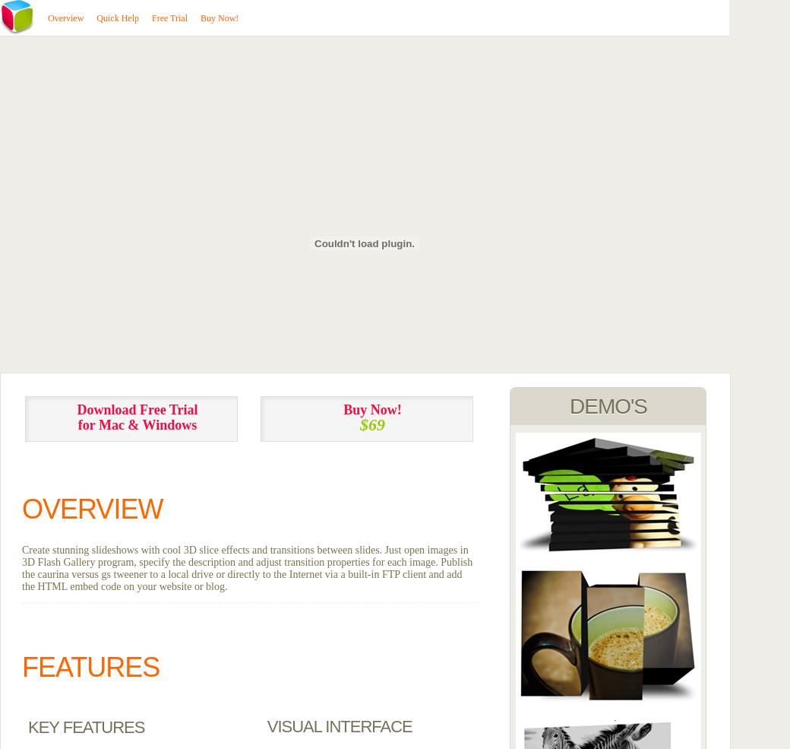  What do you see at coordinates (607, 406) in the screenshot?
I see `'DEMO's'` at bounding box center [607, 406].